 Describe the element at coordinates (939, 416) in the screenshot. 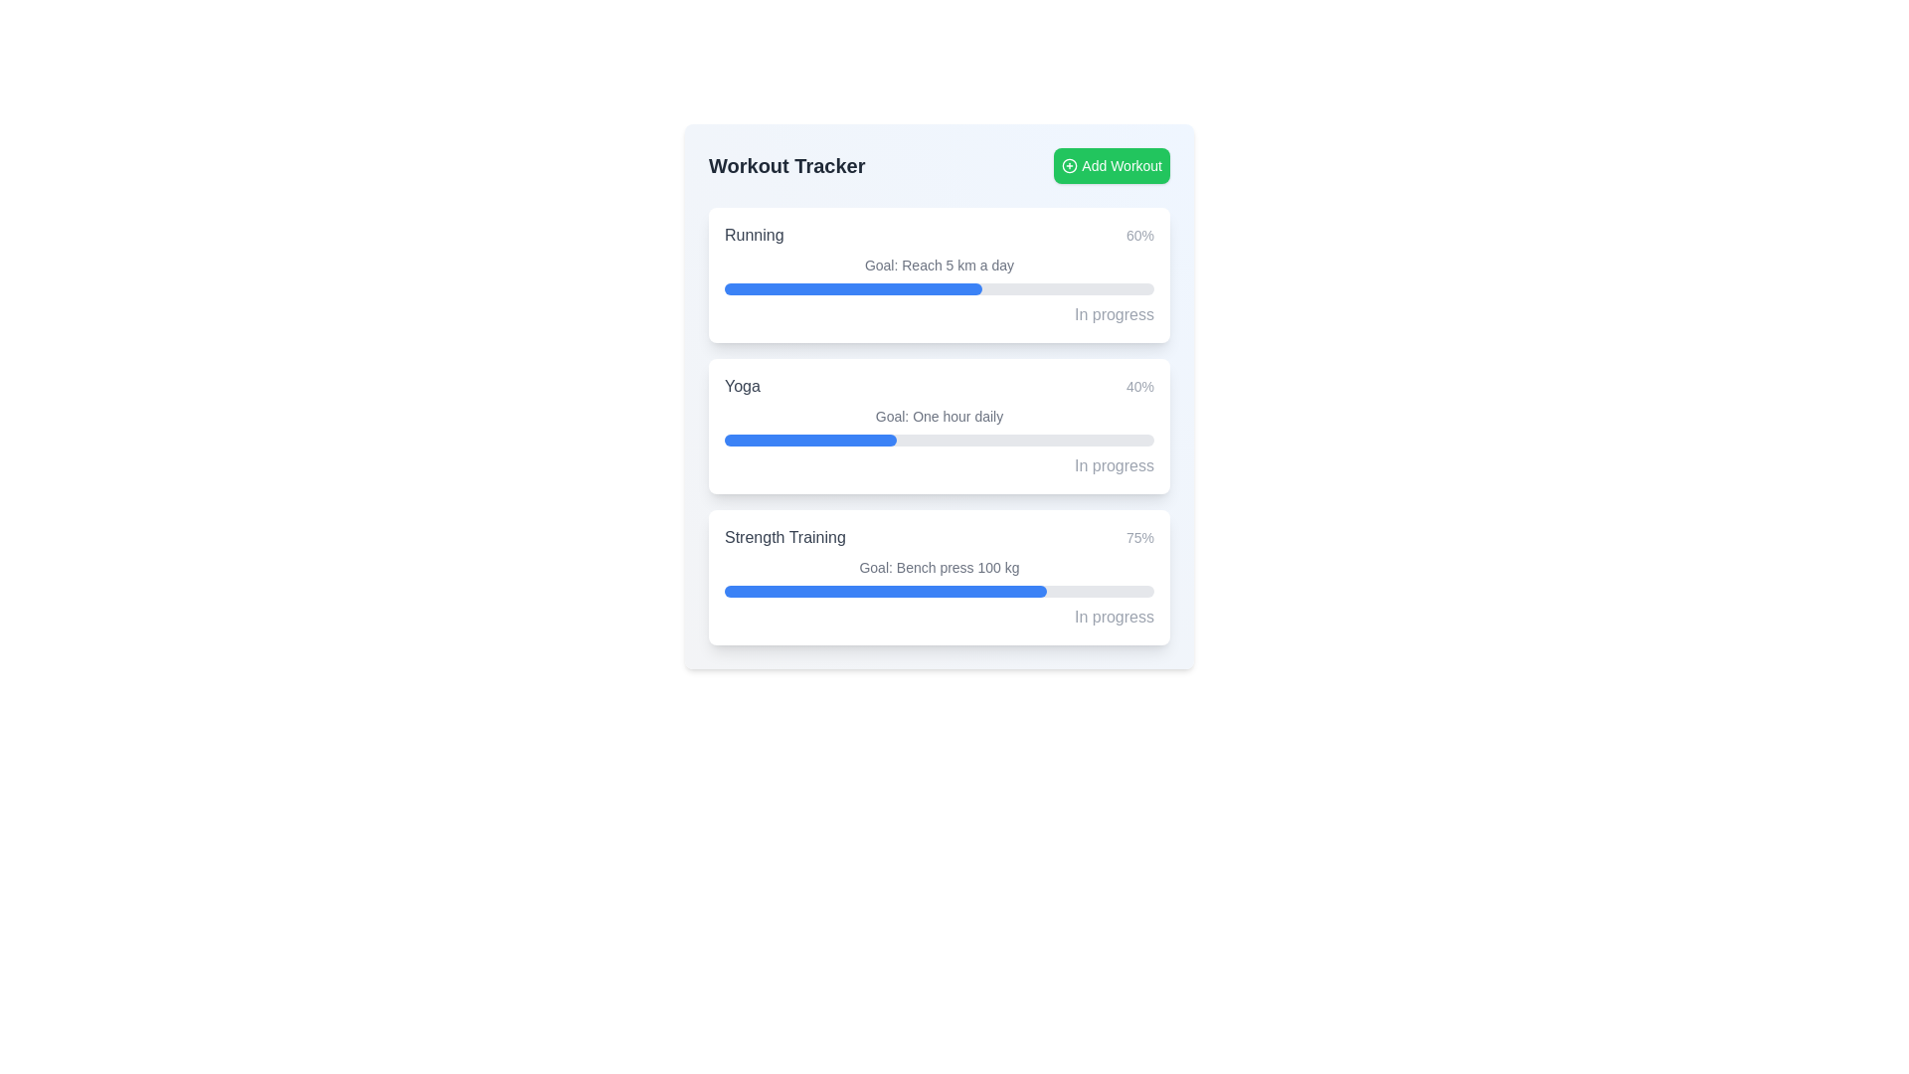

I see `the text label displaying 'Goal: One hour daily' within the Yoga task card` at that location.